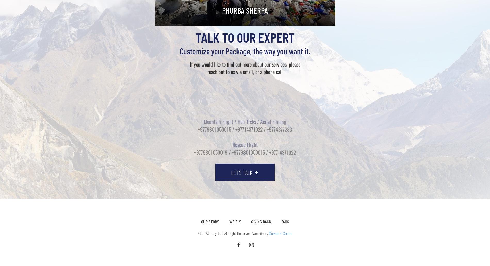  Describe the element at coordinates (244, 66) in the screenshot. I see `'If you would like to find out more about our services, please reach out to us via email, or a phone call'` at that location.